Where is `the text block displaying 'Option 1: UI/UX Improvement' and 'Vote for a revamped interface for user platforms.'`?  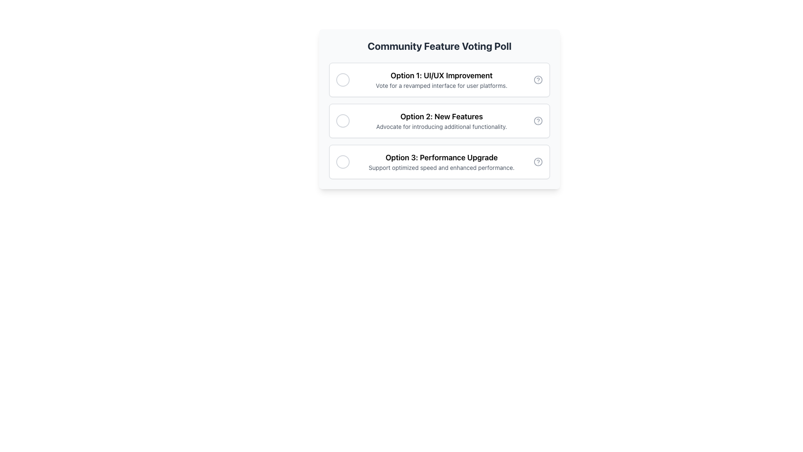
the text block displaying 'Option 1: UI/UX Improvement' and 'Vote for a revamped interface for user platforms.' is located at coordinates (441, 80).